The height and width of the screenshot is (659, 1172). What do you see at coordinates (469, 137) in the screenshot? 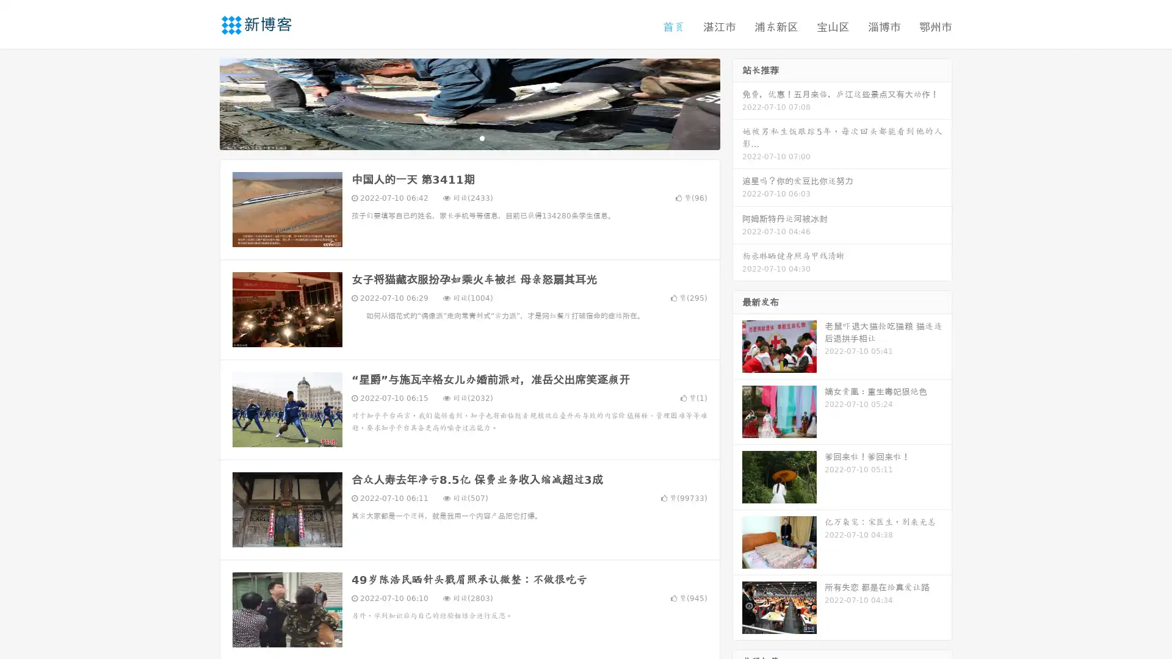
I see `Go to slide 2` at bounding box center [469, 137].